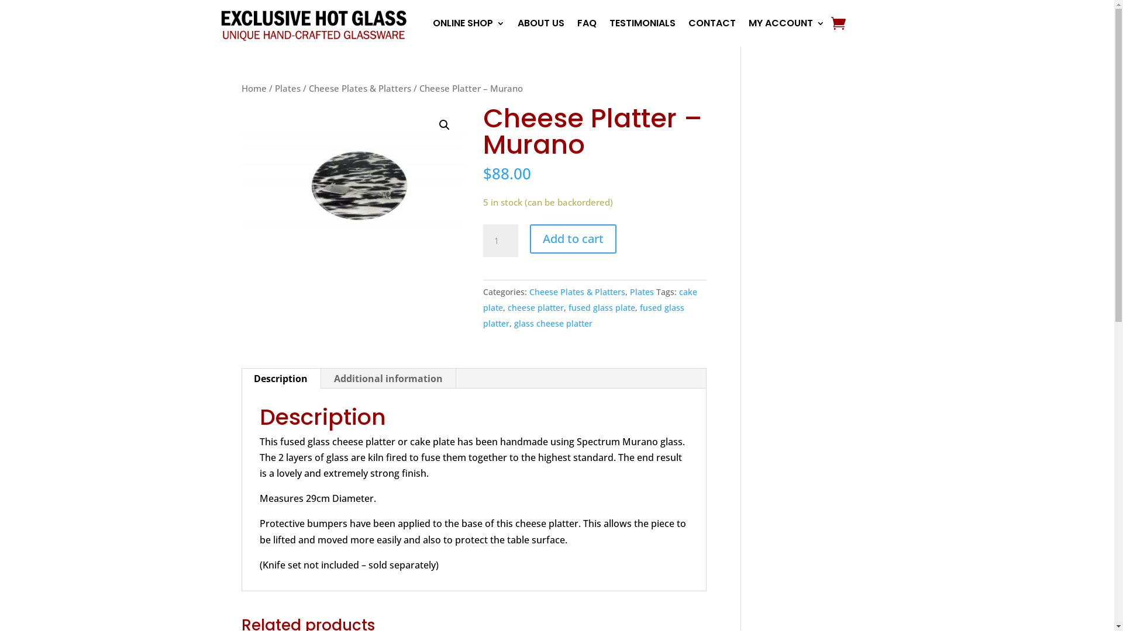 The image size is (1123, 631). Describe the element at coordinates (469, 23) in the screenshot. I see `'ONLINE SHOP'` at that location.